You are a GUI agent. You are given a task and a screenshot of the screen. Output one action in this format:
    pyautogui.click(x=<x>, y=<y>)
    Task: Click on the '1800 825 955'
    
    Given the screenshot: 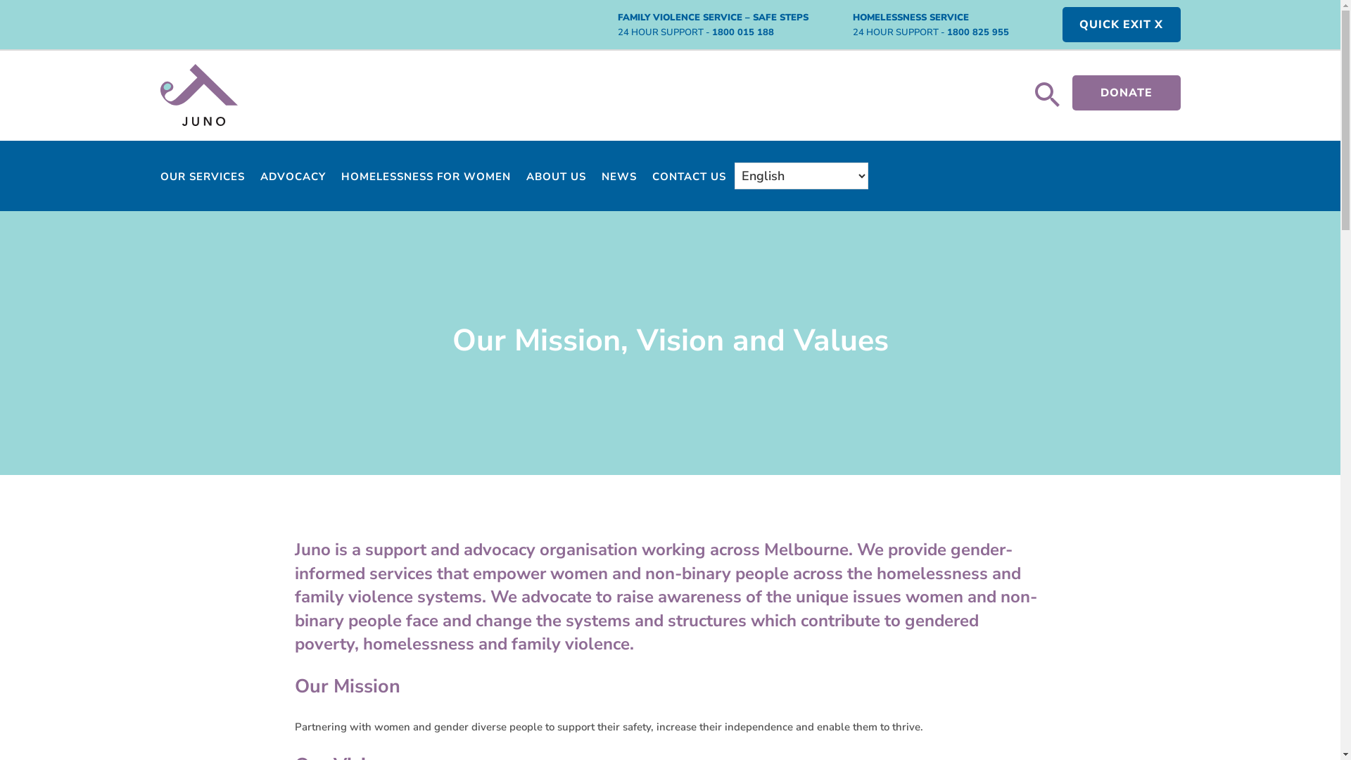 What is the action you would take?
    pyautogui.click(x=946, y=32)
    